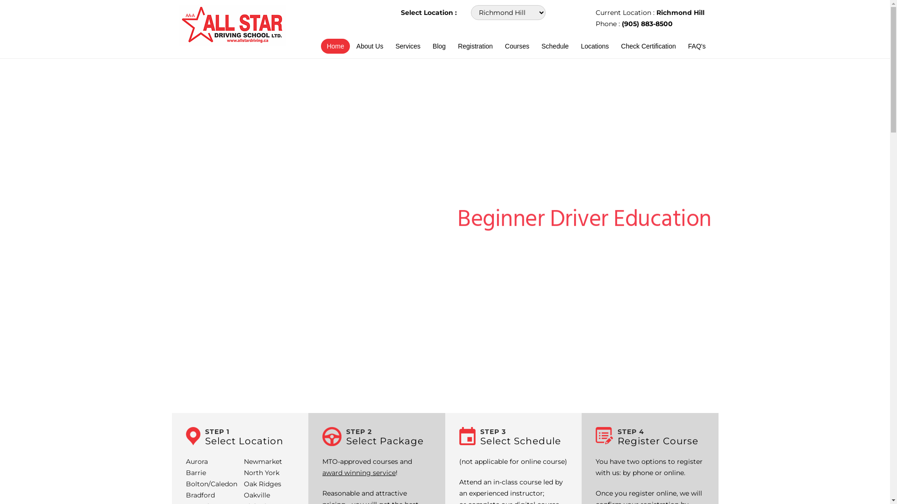 This screenshot has height=504, width=897. What do you see at coordinates (257, 494) in the screenshot?
I see `'Oakville'` at bounding box center [257, 494].